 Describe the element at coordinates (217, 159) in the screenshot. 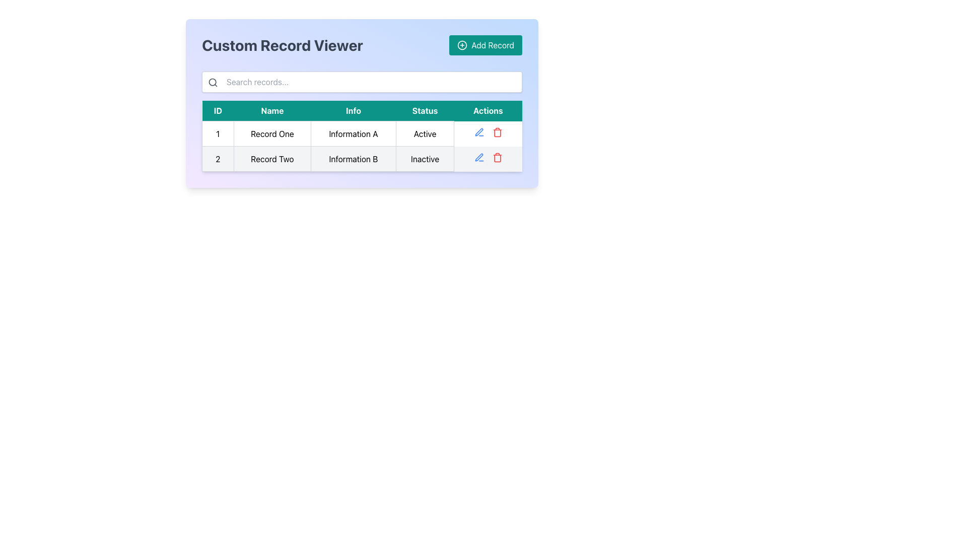

I see `the Table Cell that serves as a label for the row, located in the second row and first column of the table, corresponding to the 'ID' column` at that location.